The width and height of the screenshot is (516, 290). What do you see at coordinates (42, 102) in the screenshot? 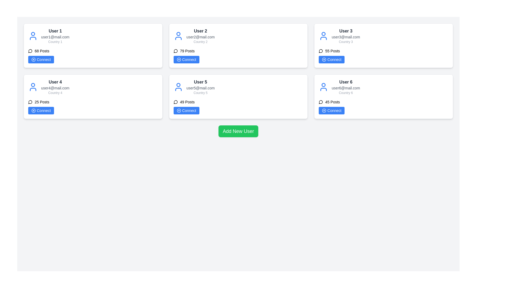
I see `the static text component displaying '25 Posts', which is located below the title 'User 4' and above the 'Connect' button within the second card of the left column` at bounding box center [42, 102].